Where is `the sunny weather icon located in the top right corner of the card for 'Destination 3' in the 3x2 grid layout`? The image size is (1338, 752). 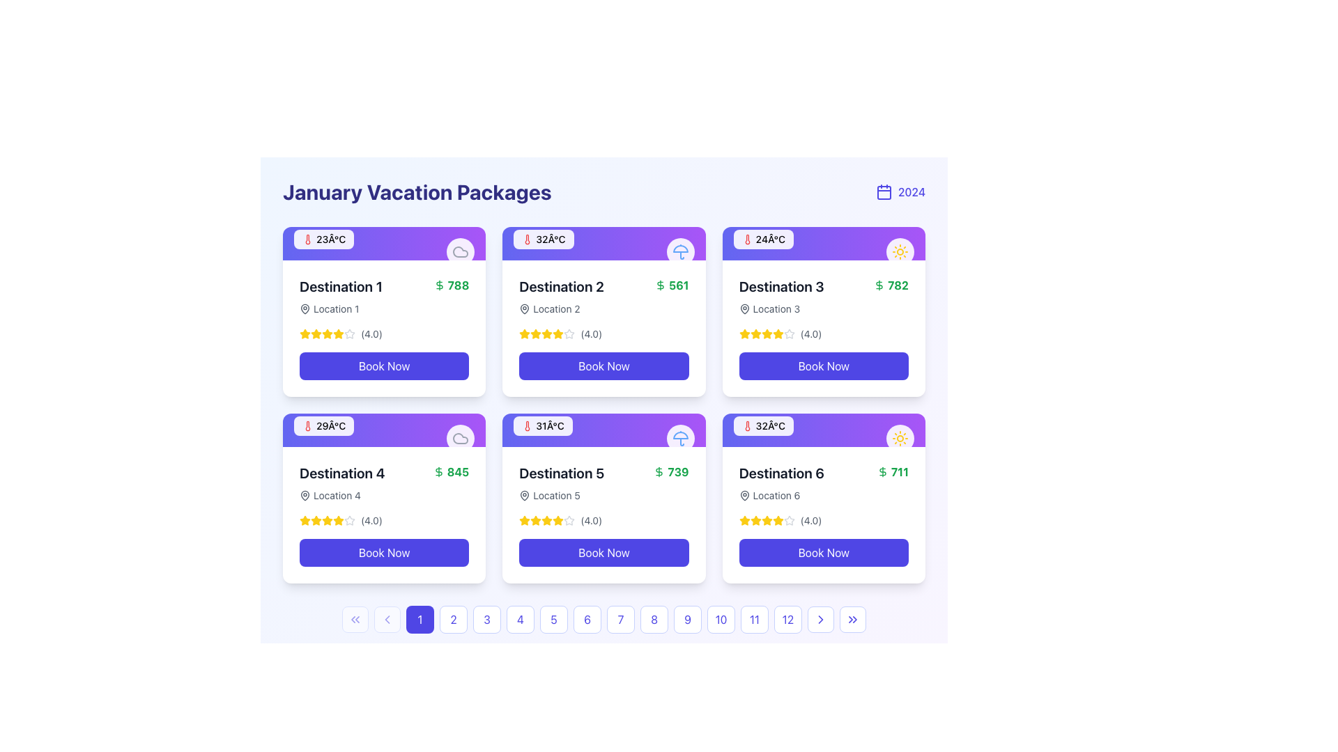 the sunny weather icon located in the top right corner of the card for 'Destination 3' in the 3x2 grid layout is located at coordinates (900, 437).